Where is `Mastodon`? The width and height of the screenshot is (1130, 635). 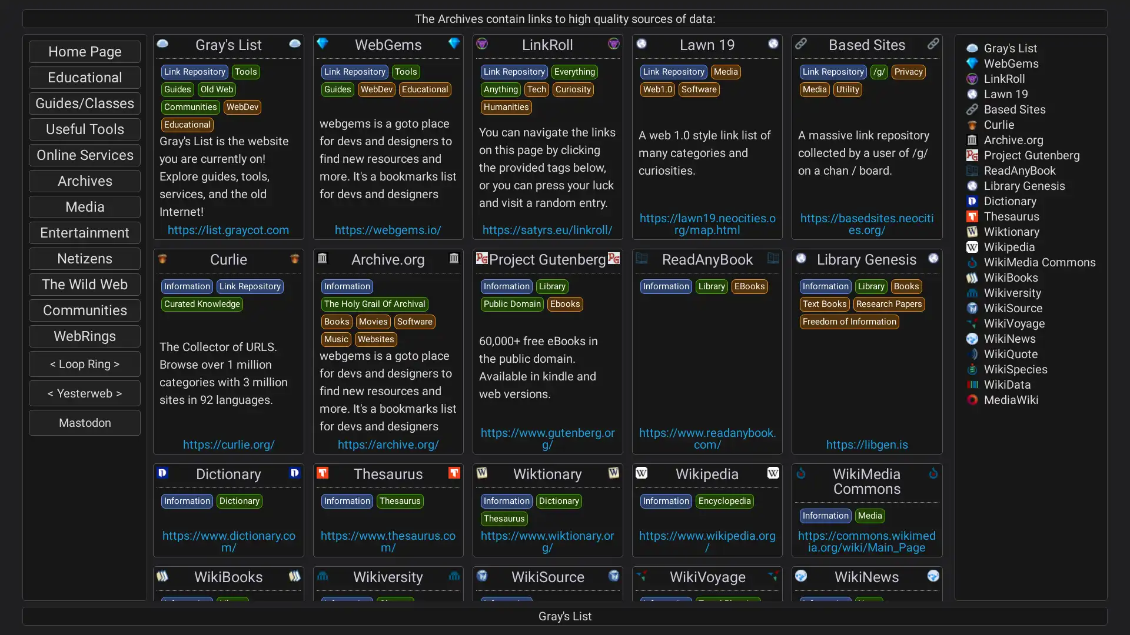
Mastodon is located at coordinates (84, 422).